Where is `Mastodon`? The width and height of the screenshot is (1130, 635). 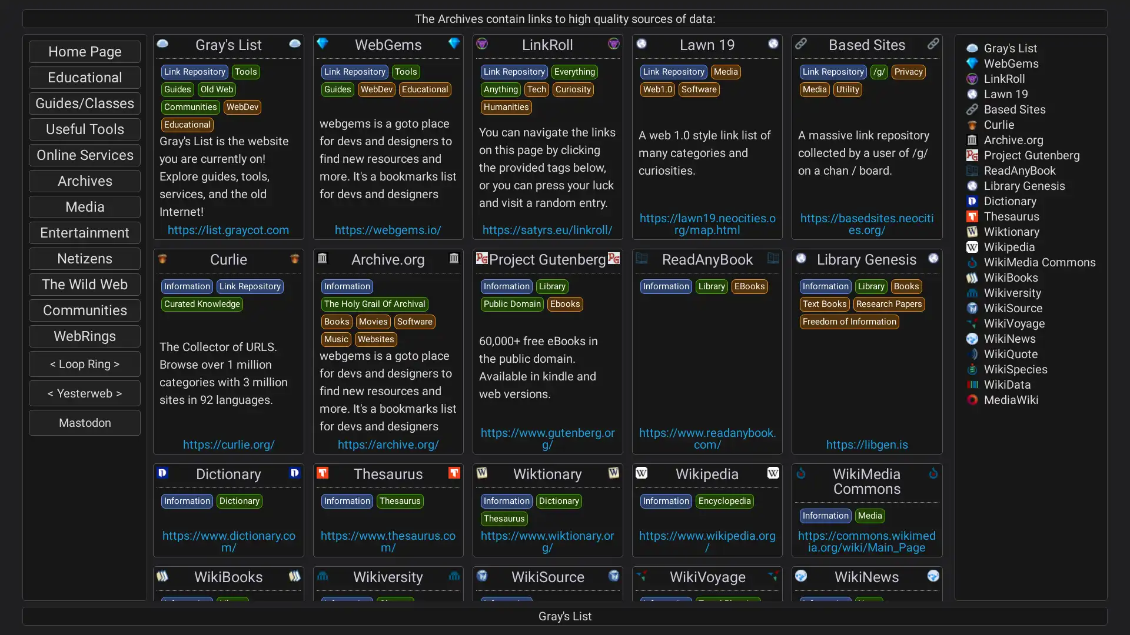
Mastodon is located at coordinates (84, 422).